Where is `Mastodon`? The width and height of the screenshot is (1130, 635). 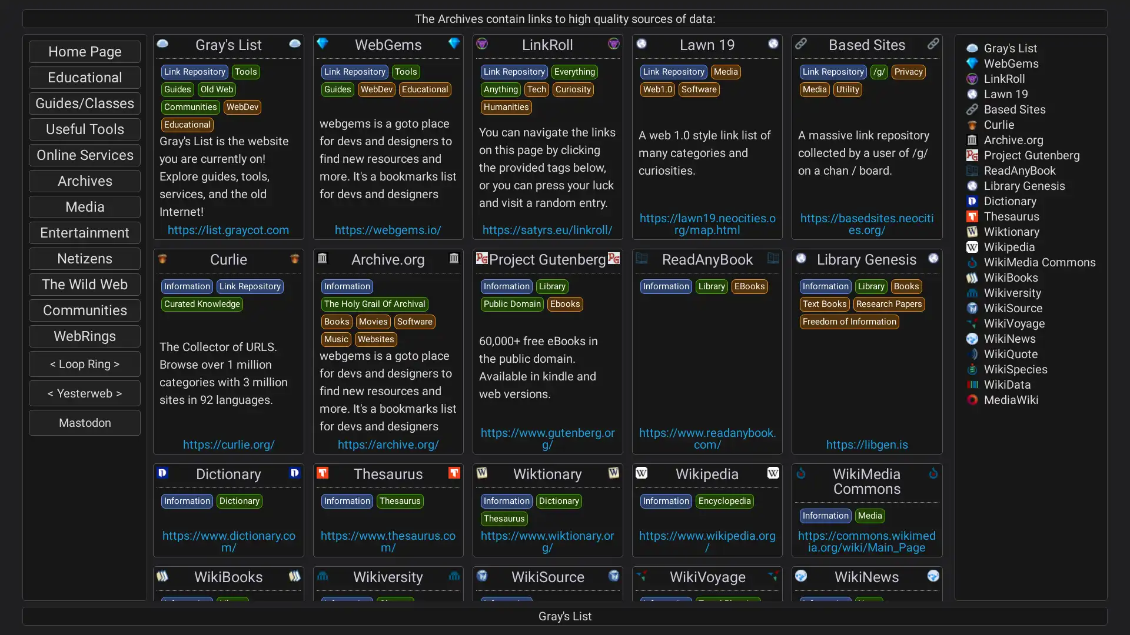
Mastodon is located at coordinates (84, 422).